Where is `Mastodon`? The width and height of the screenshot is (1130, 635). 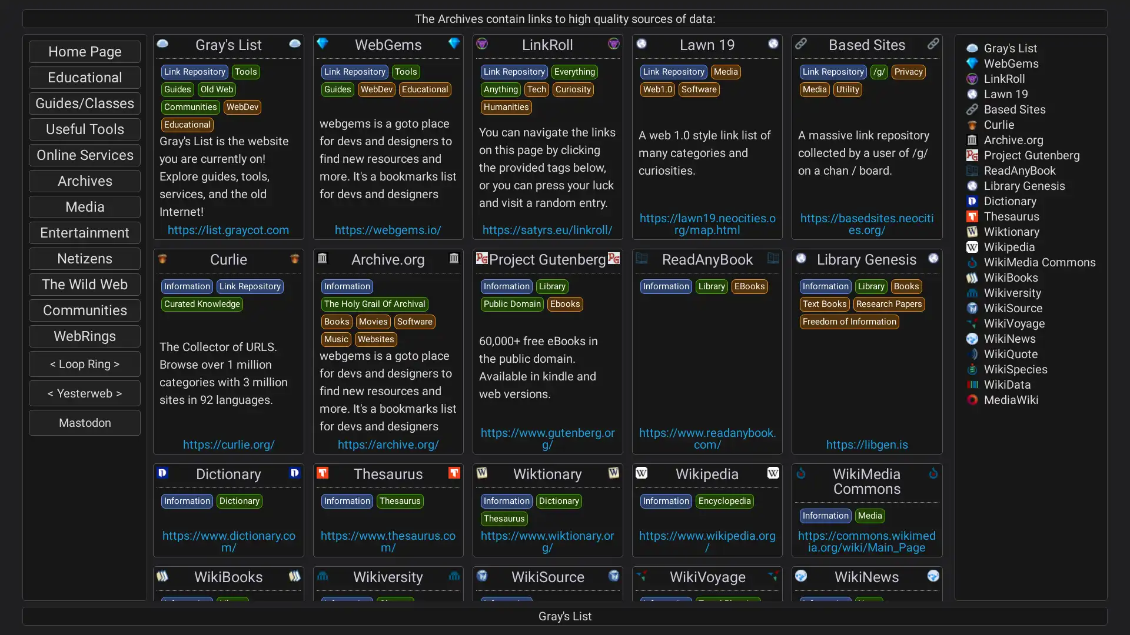
Mastodon is located at coordinates (84, 422).